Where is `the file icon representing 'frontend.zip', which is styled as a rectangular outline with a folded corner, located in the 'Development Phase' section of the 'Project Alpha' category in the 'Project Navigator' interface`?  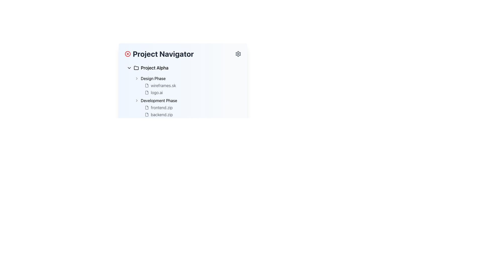
the file icon representing 'frontend.zip', which is styled as a rectangular outline with a folded corner, located in the 'Development Phase' section of the 'Project Alpha' category in the 'Project Navigator' interface is located at coordinates (147, 107).